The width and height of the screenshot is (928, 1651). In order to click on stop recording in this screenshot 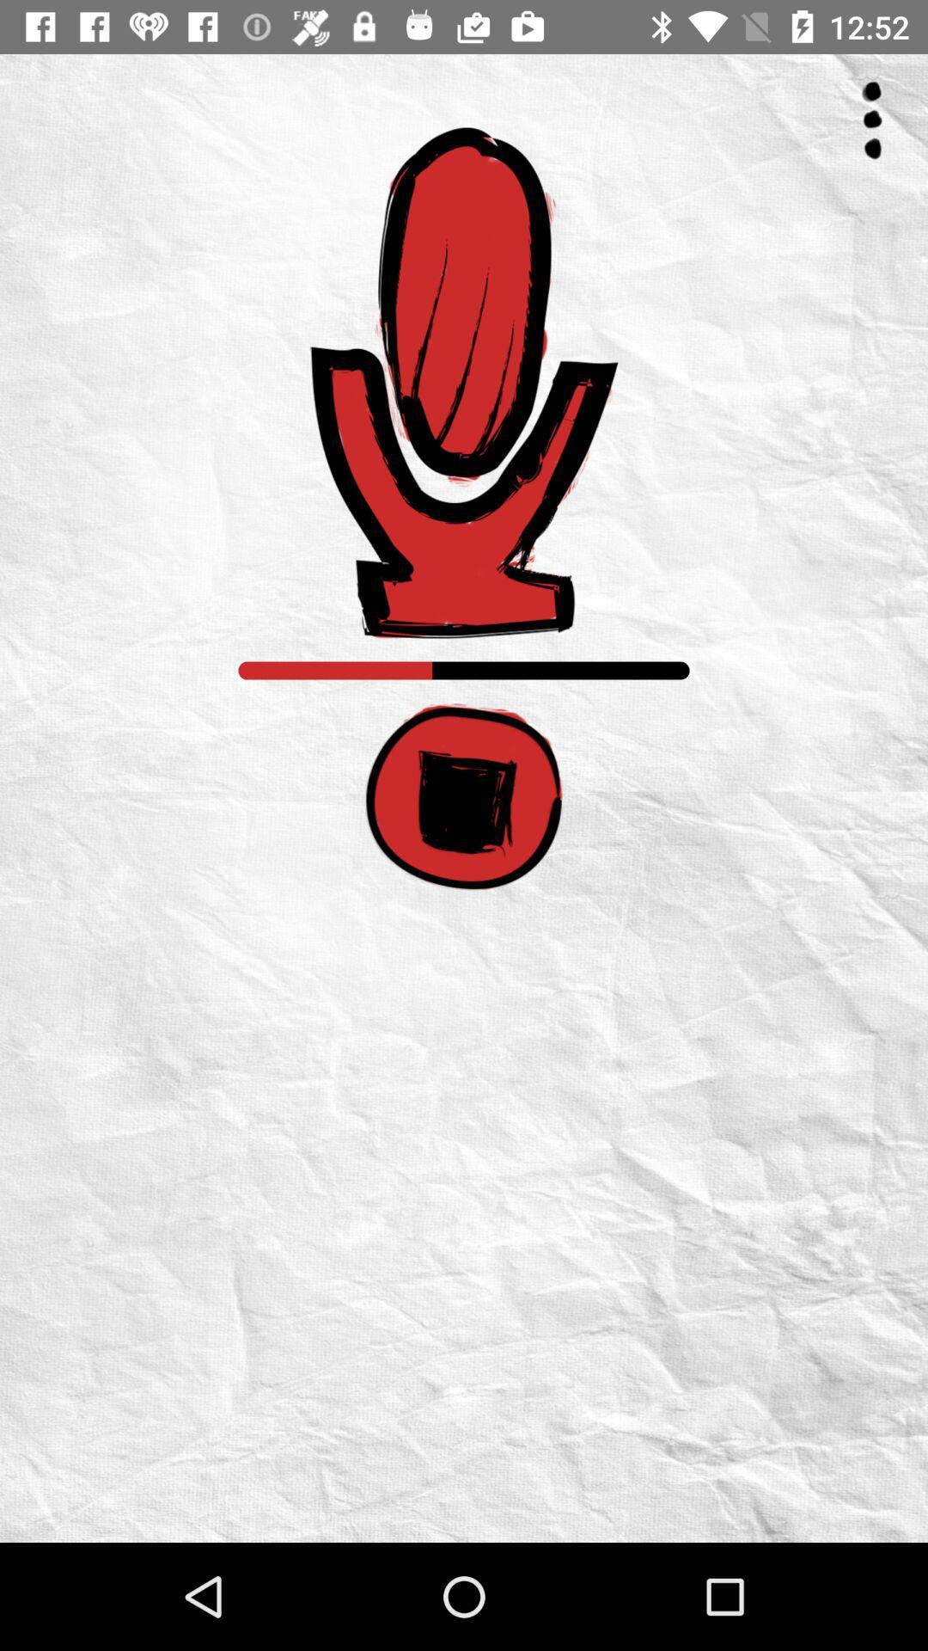, I will do `click(464, 795)`.